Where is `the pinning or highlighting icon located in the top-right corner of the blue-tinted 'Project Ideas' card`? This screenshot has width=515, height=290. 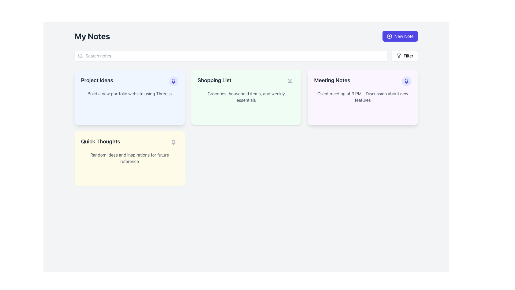 the pinning or highlighting icon located in the top-right corner of the blue-tinted 'Project Ideas' card is located at coordinates (173, 81).